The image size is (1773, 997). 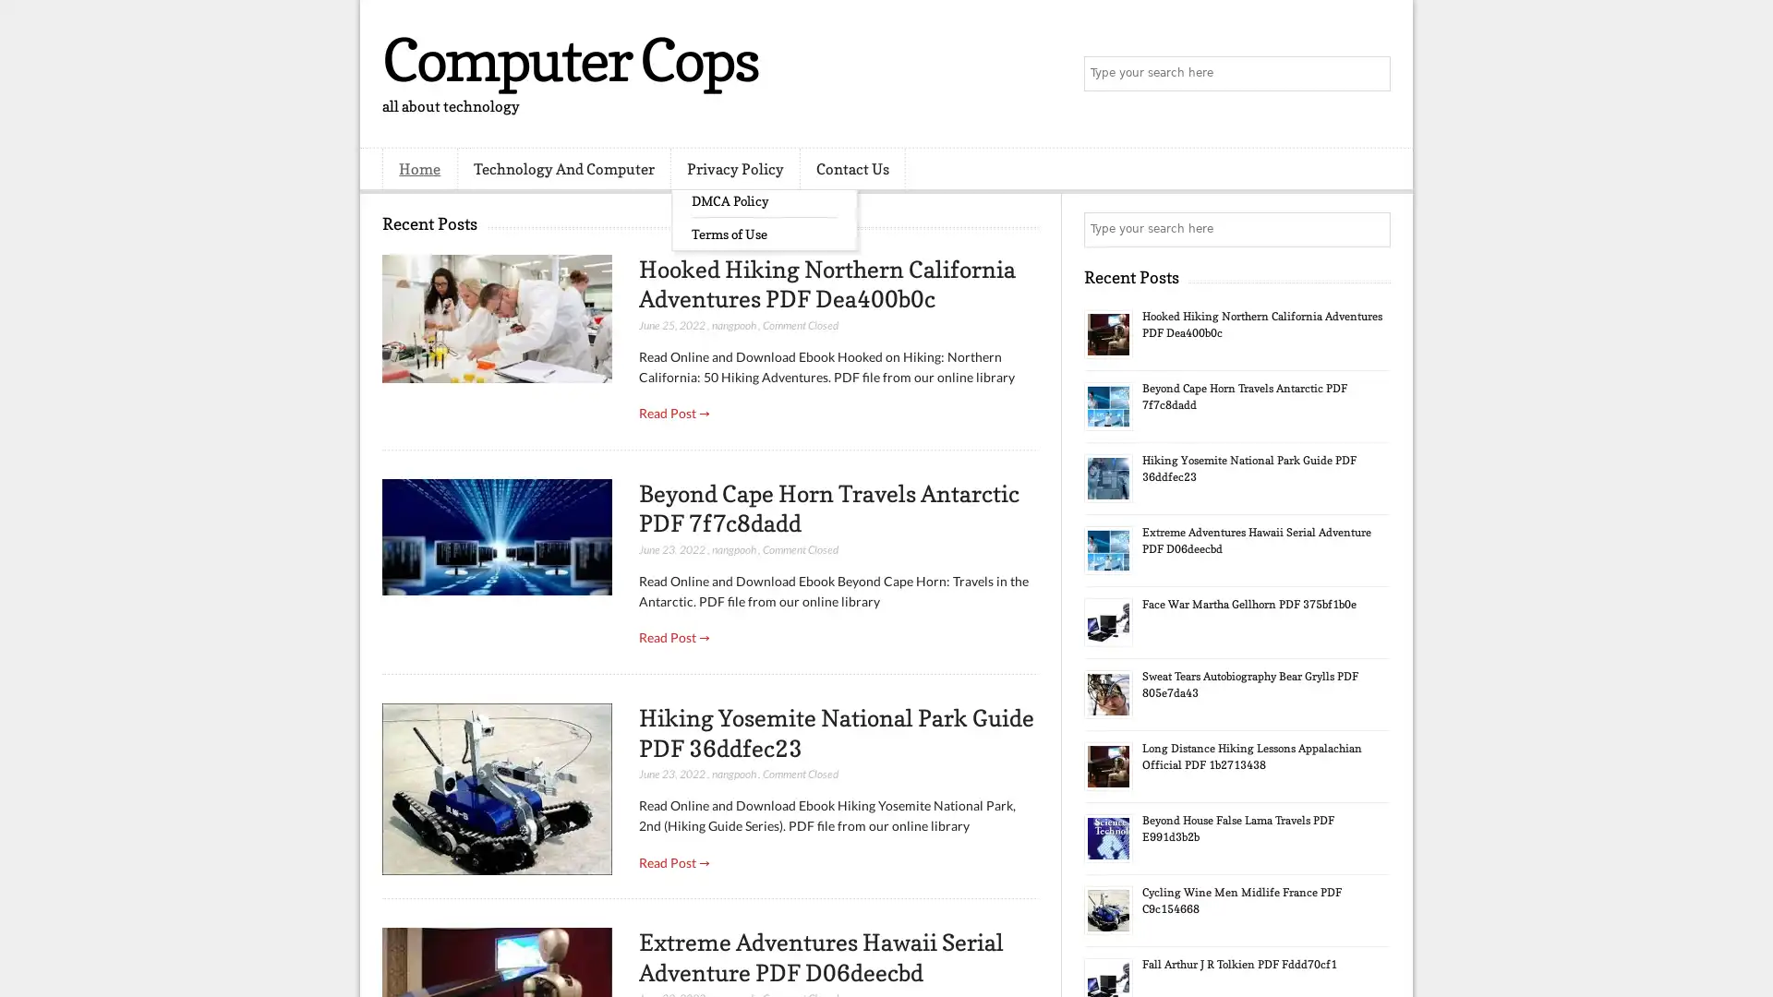 What do you see at coordinates (1371, 74) in the screenshot?
I see `Search` at bounding box center [1371, 74].